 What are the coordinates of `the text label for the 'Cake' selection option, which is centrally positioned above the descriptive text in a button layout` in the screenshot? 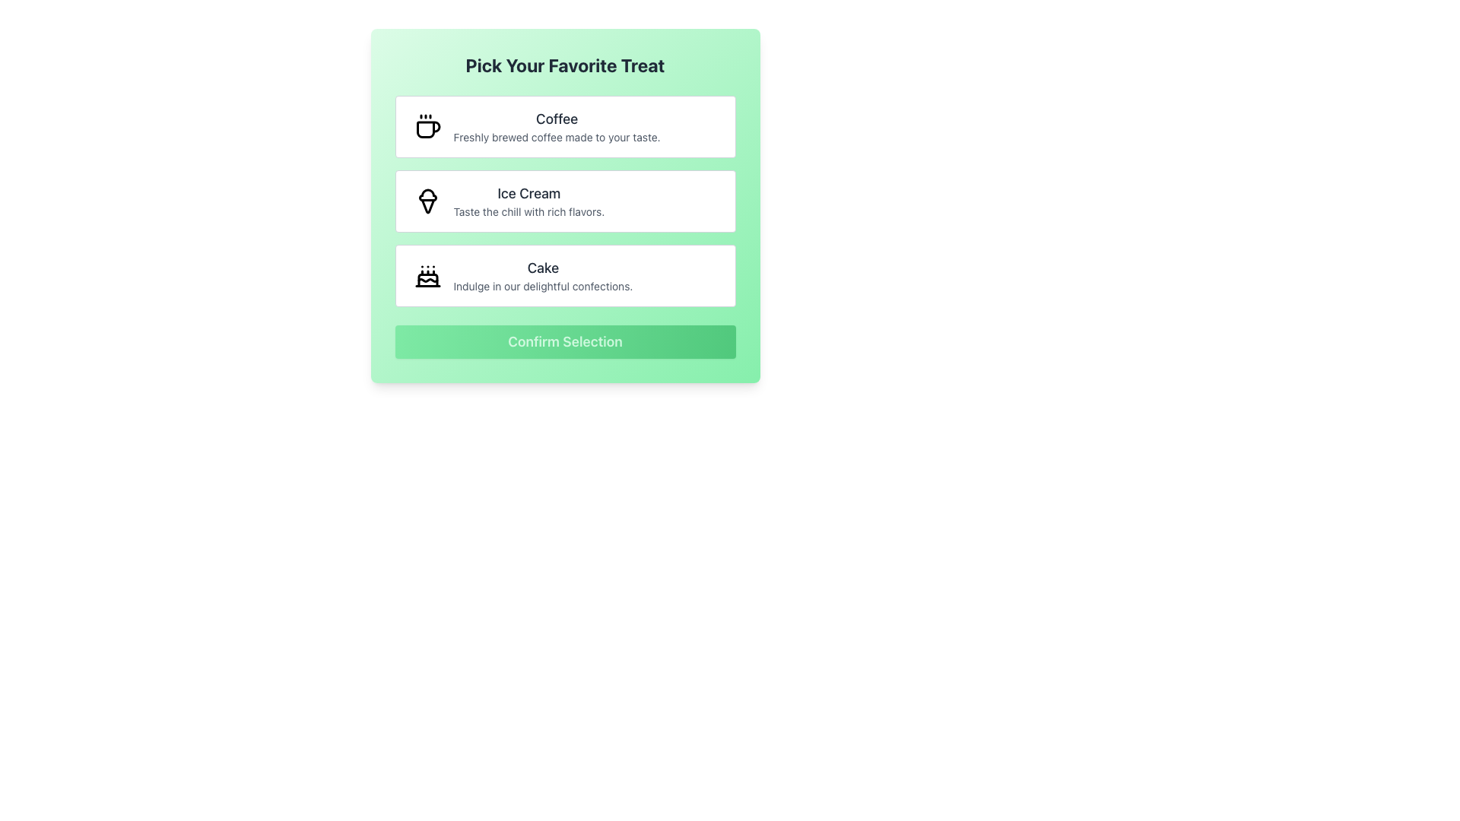 It's located at (543, 268).